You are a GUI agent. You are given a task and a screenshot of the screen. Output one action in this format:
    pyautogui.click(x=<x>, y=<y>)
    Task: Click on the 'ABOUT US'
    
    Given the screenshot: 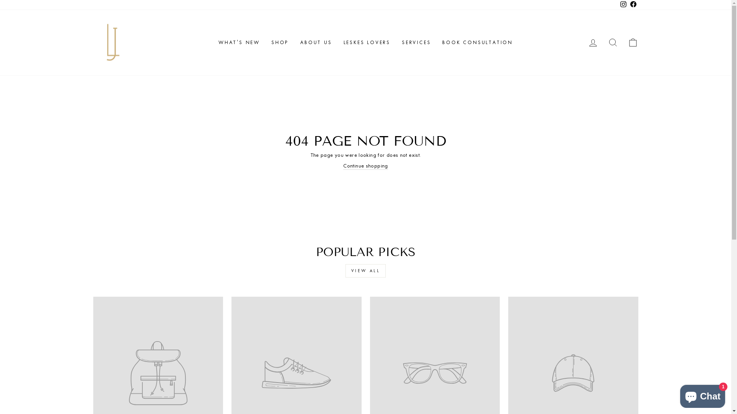 What is the action you would take?
    pyautogui.click(x=316, y=43)
    